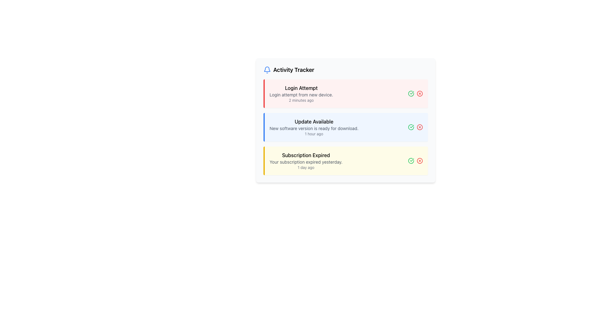  I want to click on the 'Update Available' notification in the 'Activity Tracker' panel using keyboard navigation, so click(345, 127).